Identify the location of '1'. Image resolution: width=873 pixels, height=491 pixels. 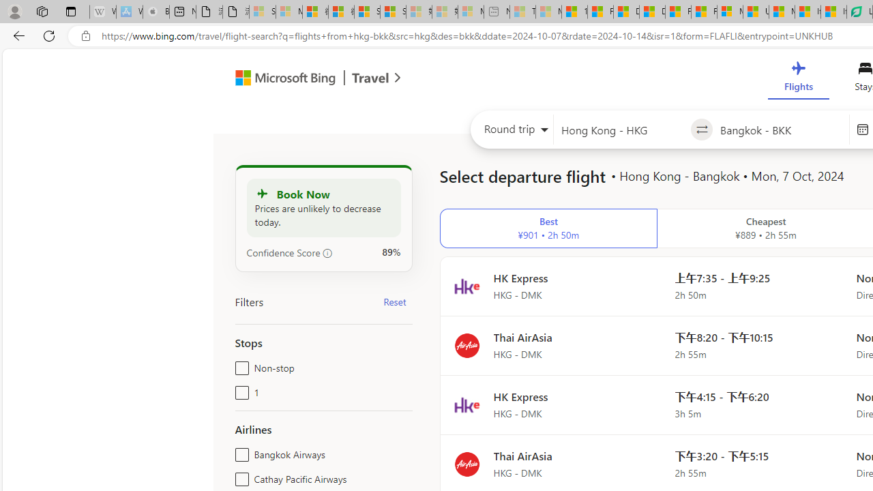
(239, 390).